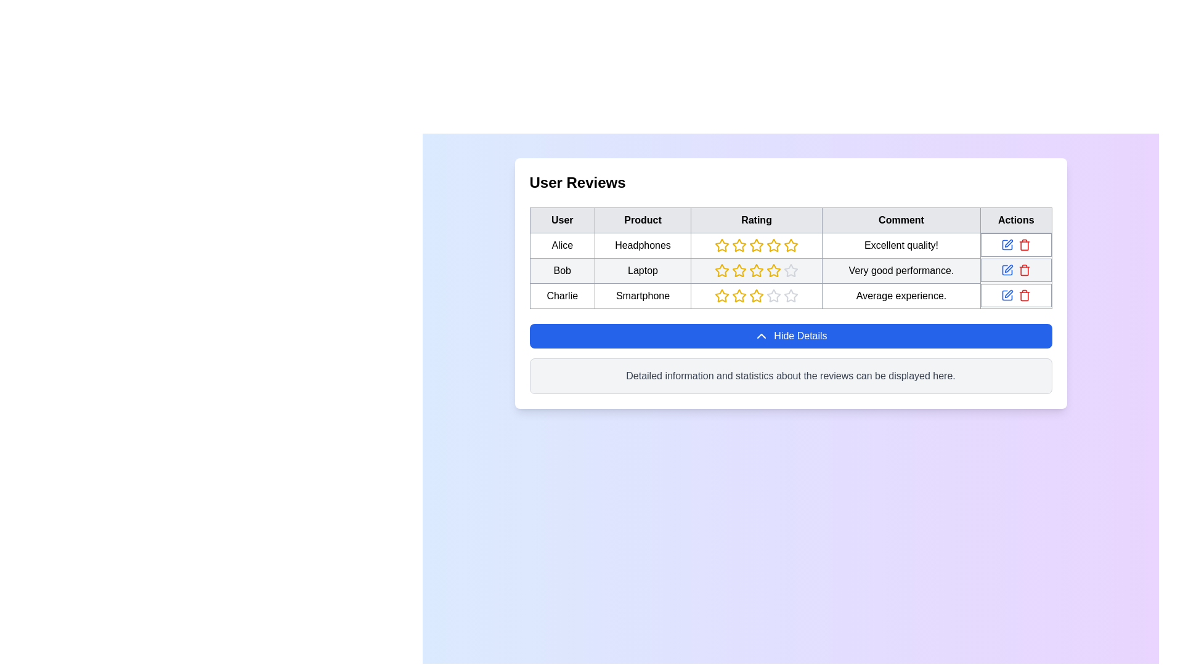 This screenshot has width=1183, height=665. I want to click on the third yellow star-shaped rating icon for user 'Bob' in the 'Rating' column, so click(722, 270).